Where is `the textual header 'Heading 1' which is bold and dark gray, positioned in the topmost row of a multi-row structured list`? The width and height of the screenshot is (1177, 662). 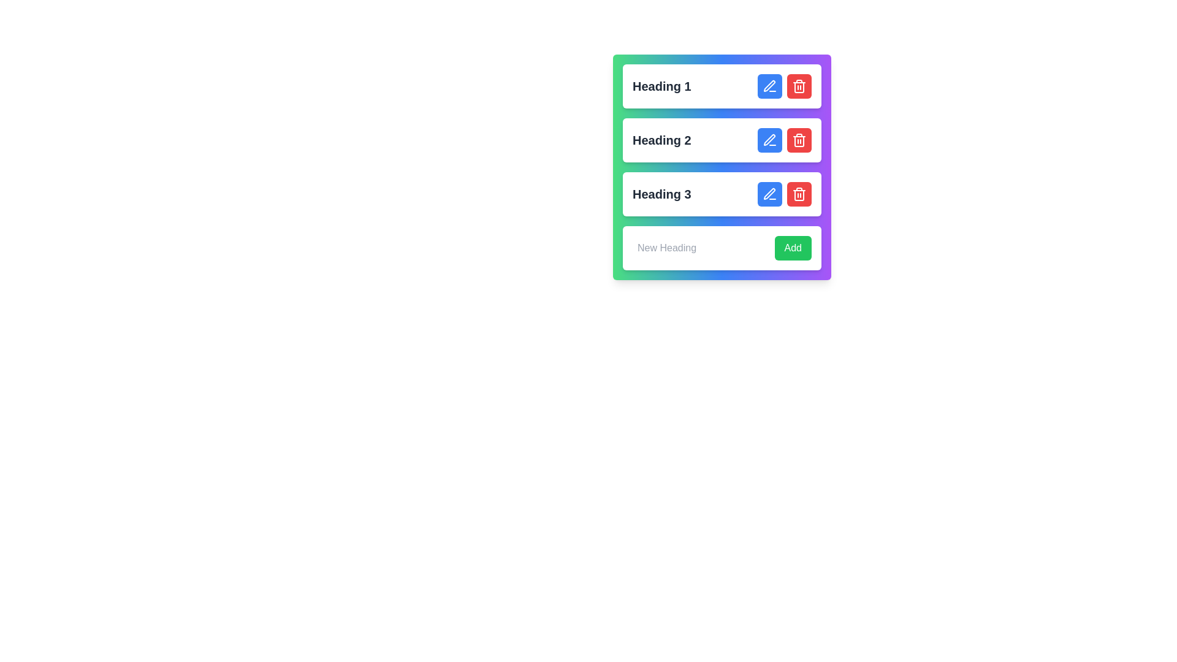 the textual header 'Heading 1' which is bold and dark gray, positioned in the topmost row of a multi-row structured list is located at coordinates (661, 86).